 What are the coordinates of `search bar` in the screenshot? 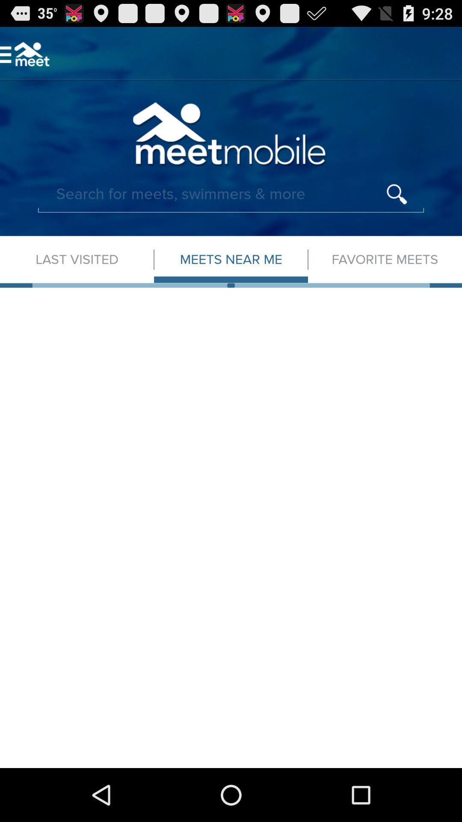 It's located at (231, 194).